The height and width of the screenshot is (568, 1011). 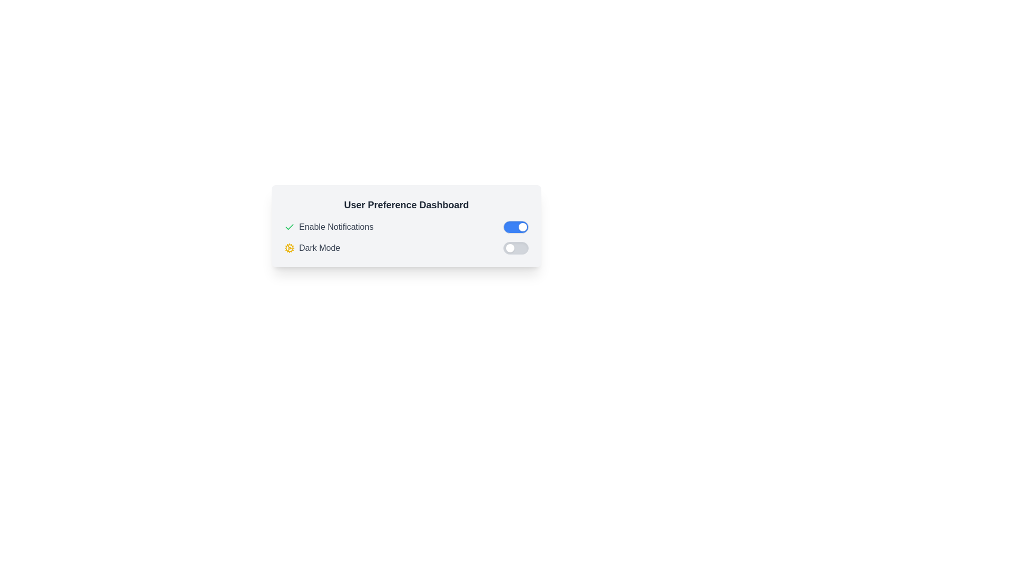 What do you see at coordinates (516, 248) in the screenshot?
I see `the thumb of the toggle switch, which is styled with a gray rounded rectangular track and a white circular thumb` at bounding box center [516, 248].